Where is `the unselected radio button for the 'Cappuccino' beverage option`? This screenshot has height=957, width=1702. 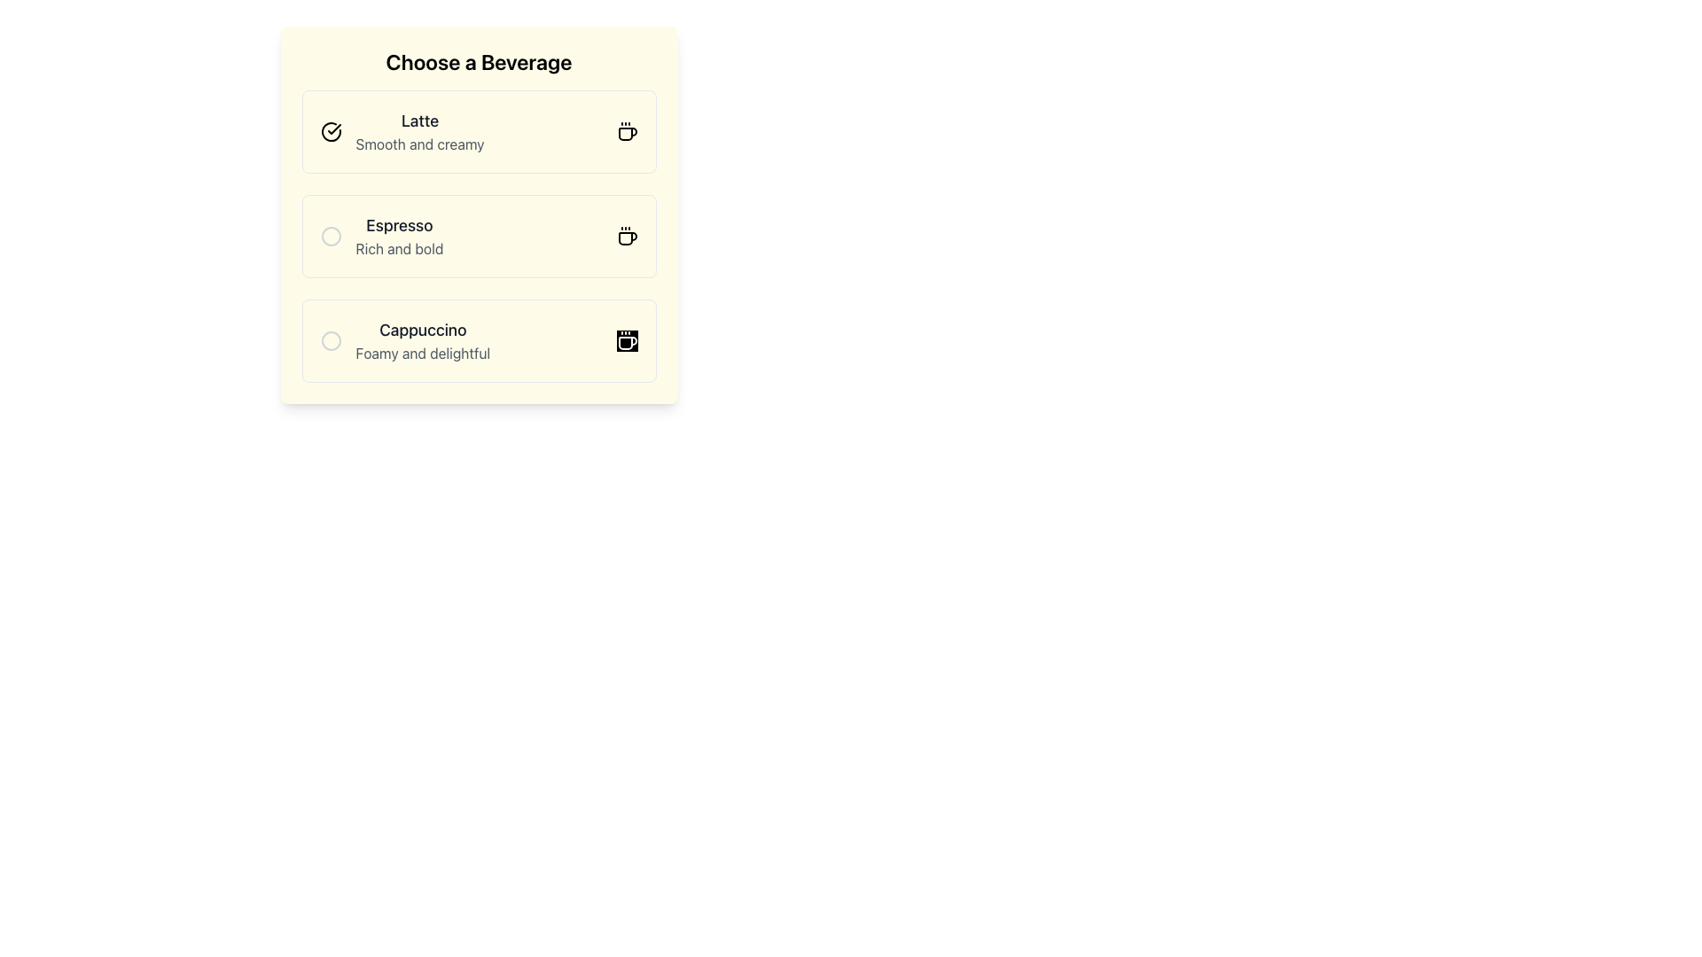
the unselected radio button for the 'Cappuccino' beverage option is located at coordinates (331, 341).